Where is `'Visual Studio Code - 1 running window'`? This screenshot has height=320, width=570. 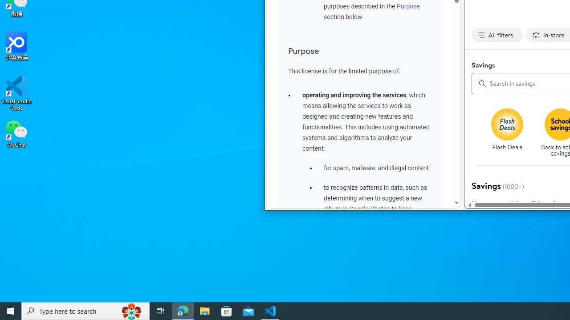
'Visual Studio Code - 1 running window' is located at coordinates (270, 310).